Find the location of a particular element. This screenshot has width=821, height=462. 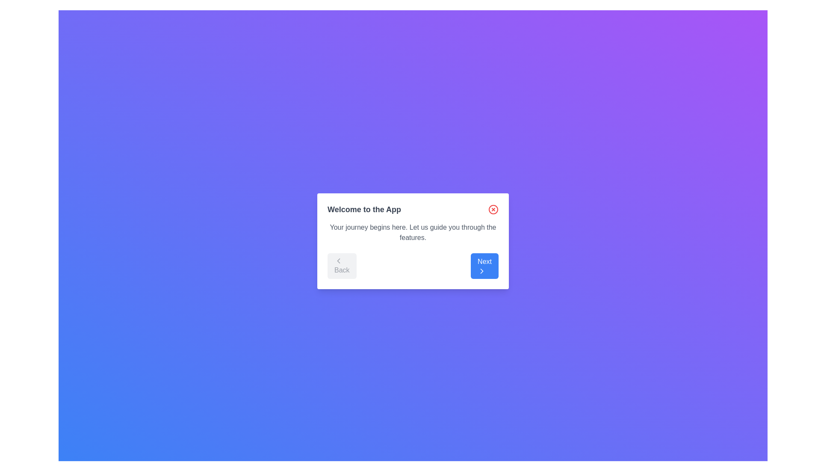

the 'Back' button with a gray background and rounded corners, located on the left side of the dialog box is located at coordinates (341, 265).